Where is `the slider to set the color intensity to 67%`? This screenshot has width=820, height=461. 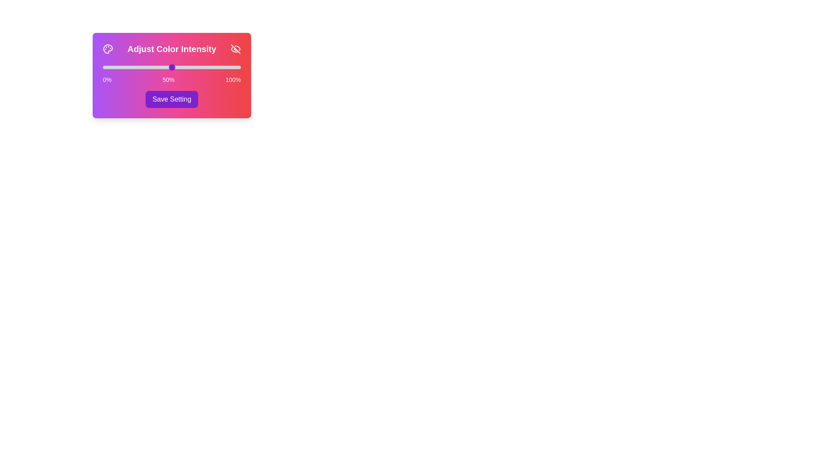 the slider to set the color intensity to 67% is located at coordinates (195, 67).